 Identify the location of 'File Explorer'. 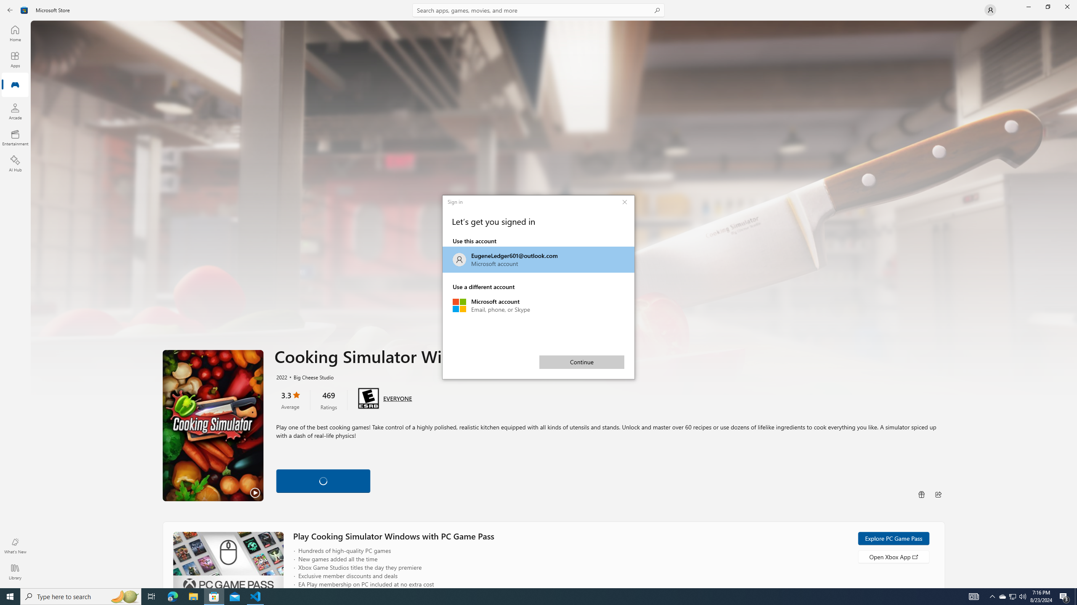
(193, 596).